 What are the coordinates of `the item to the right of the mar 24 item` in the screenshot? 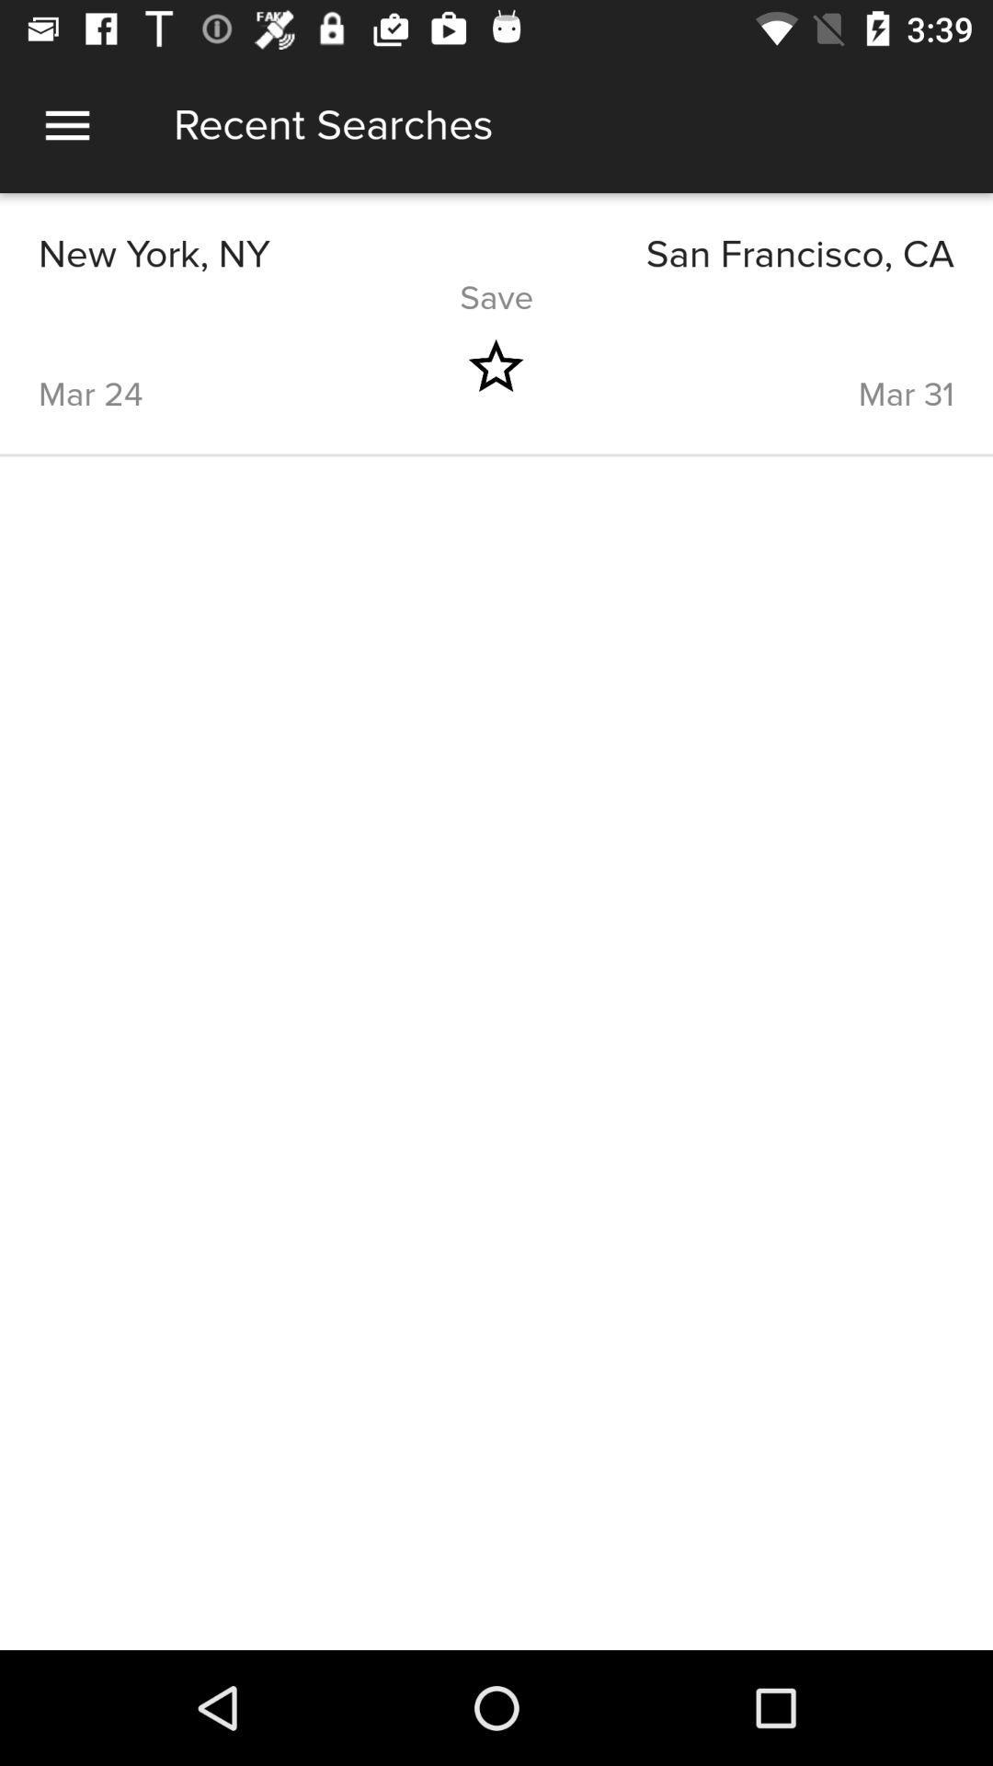 It's located at (495, 366).